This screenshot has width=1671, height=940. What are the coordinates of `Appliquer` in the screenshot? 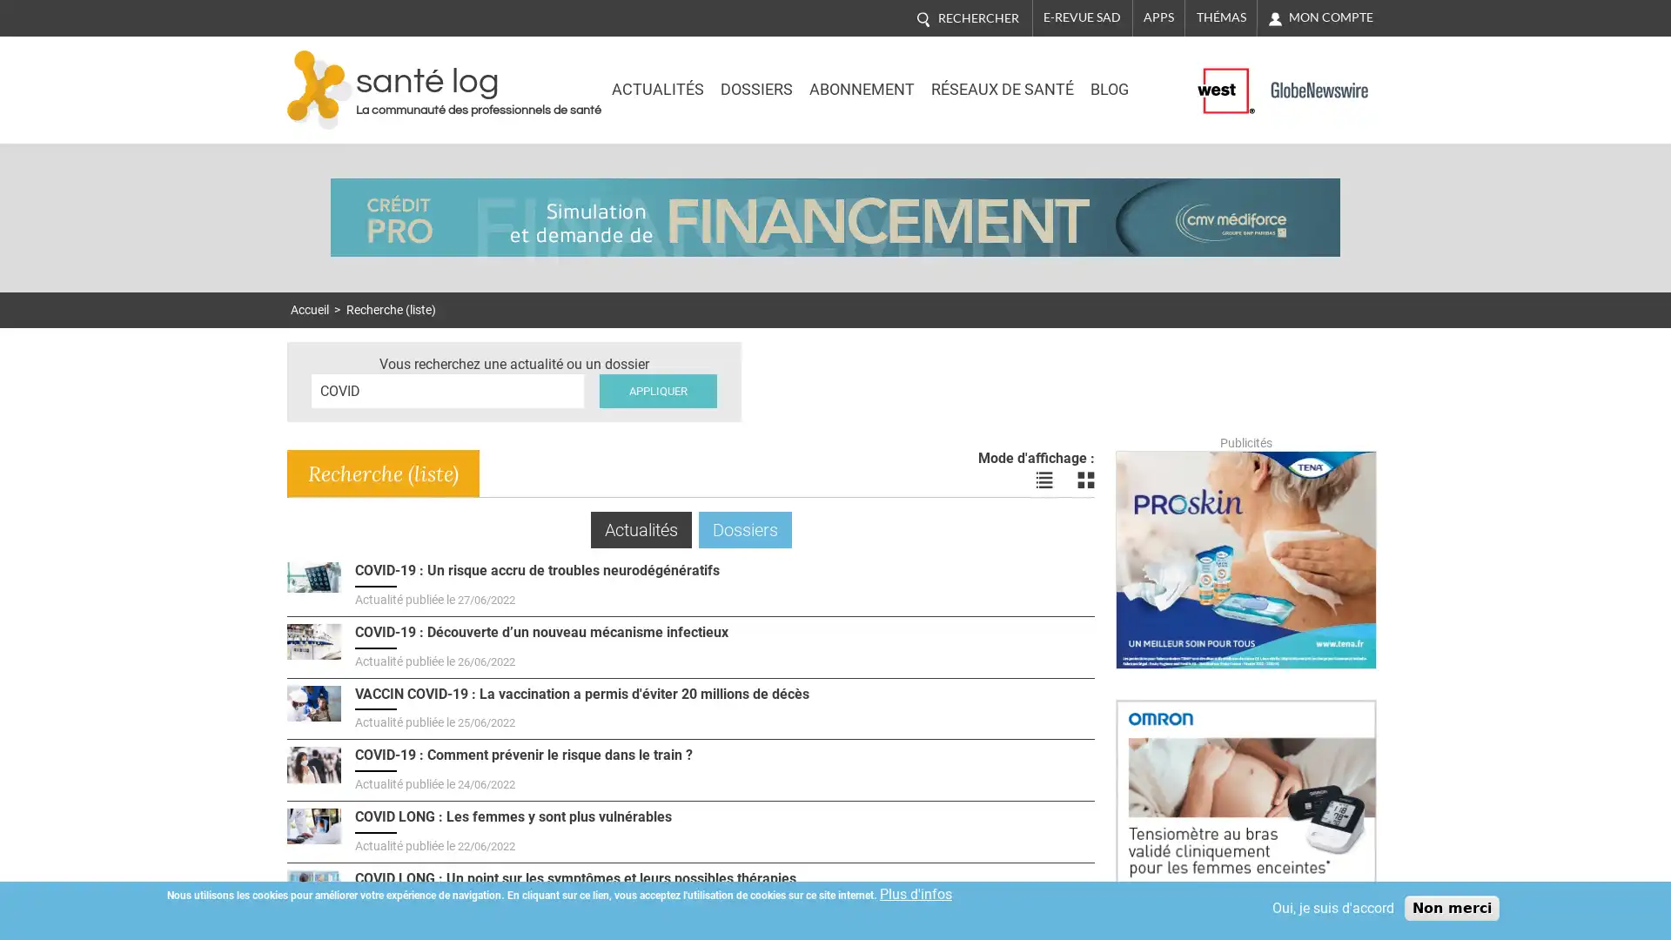 It's located at (657, 389).